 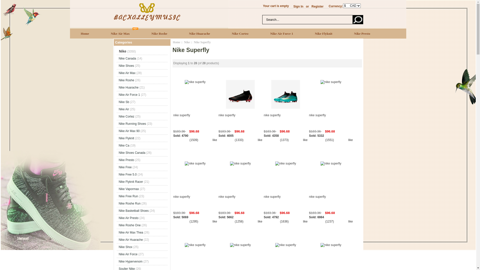 I want to click on 'Home', so click(x=69, y=33).